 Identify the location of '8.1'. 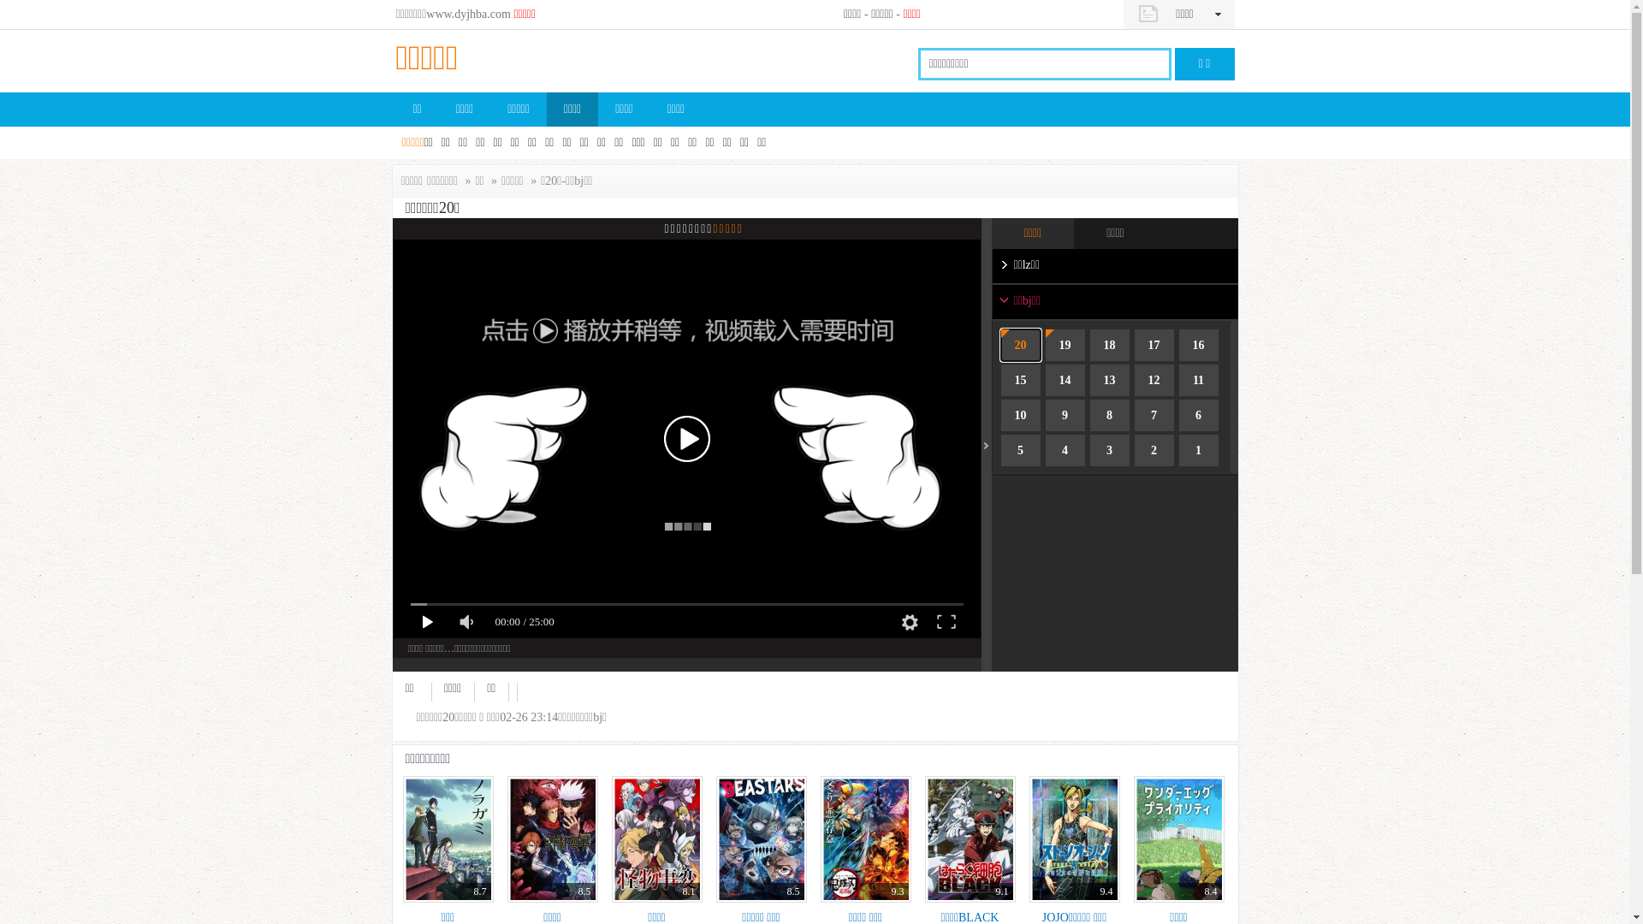
(655, 838).